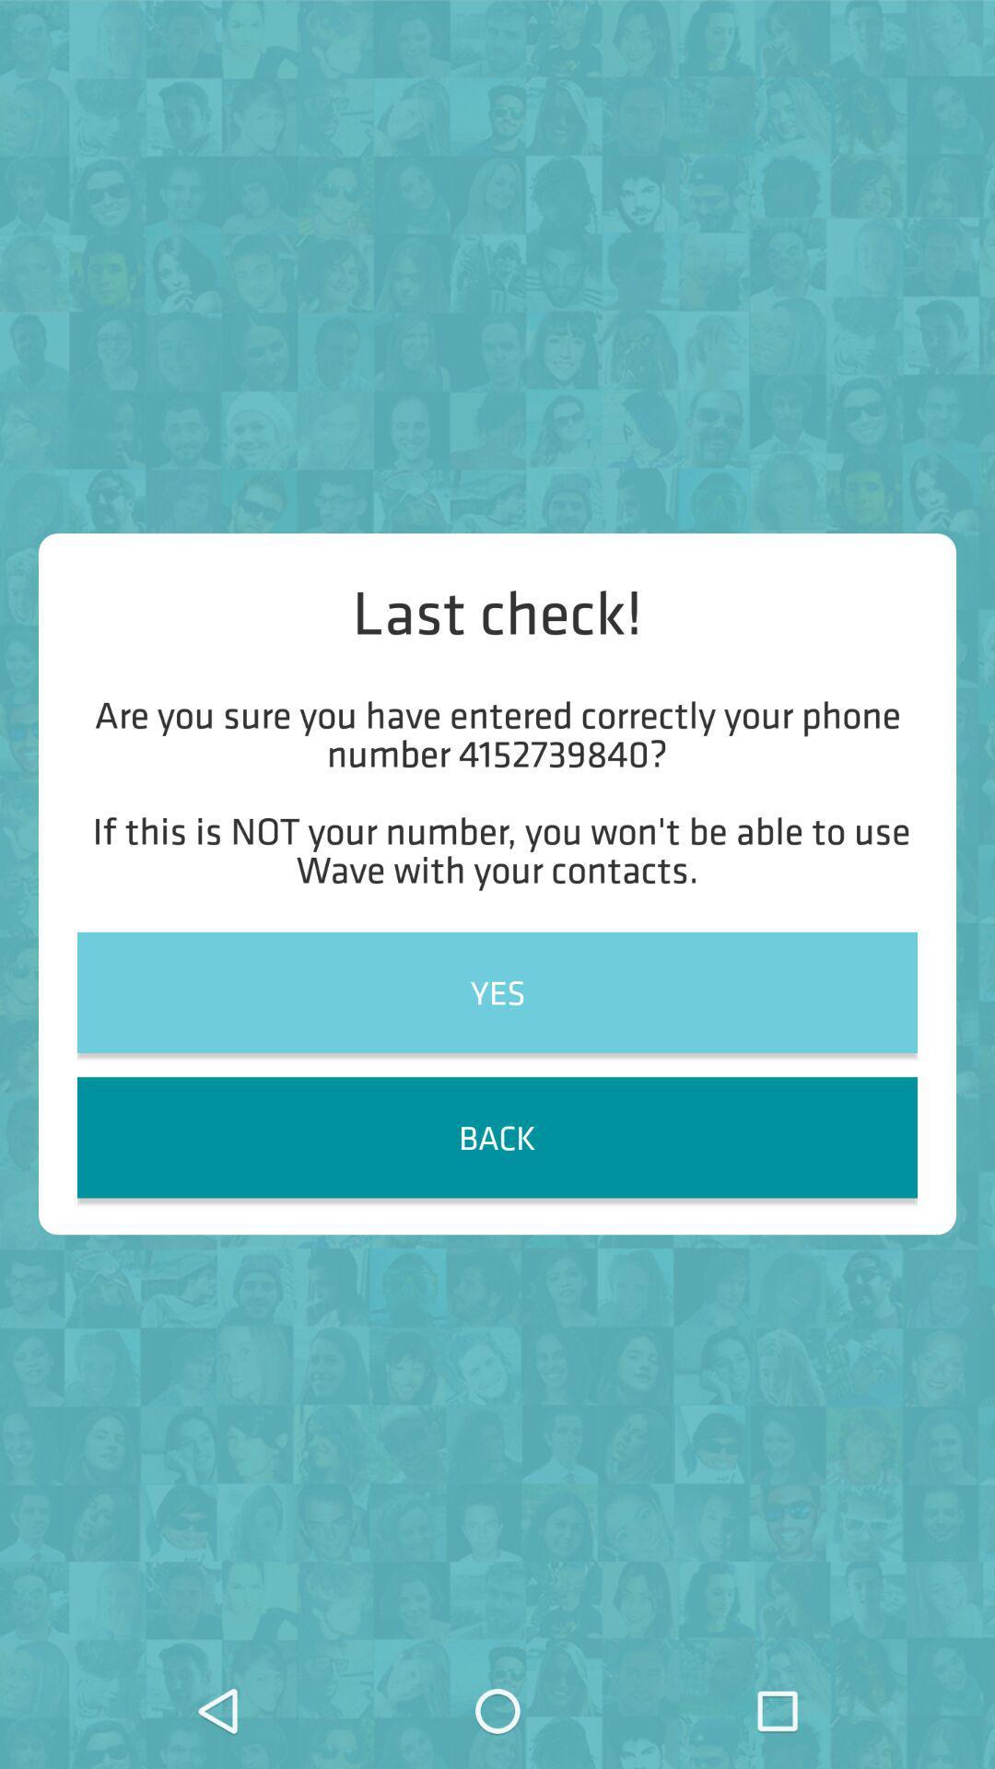  What do you see at coordinates (497, 791) in the screenshot?
I see `the item above yes item` at bounding box center [497, 791].